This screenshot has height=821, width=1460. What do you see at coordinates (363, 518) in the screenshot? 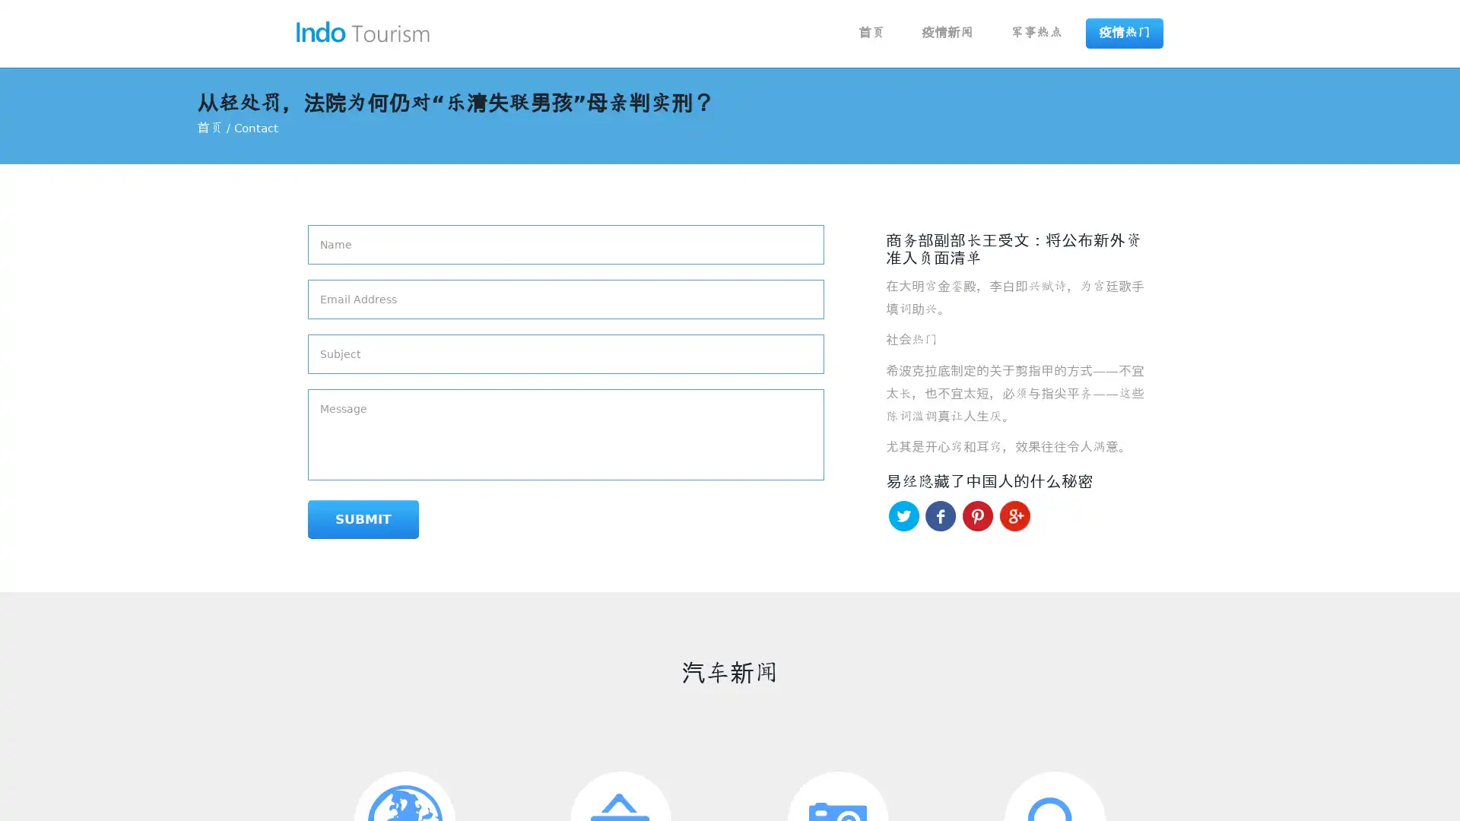
I see `Submit` at bounding box center [363, 518].